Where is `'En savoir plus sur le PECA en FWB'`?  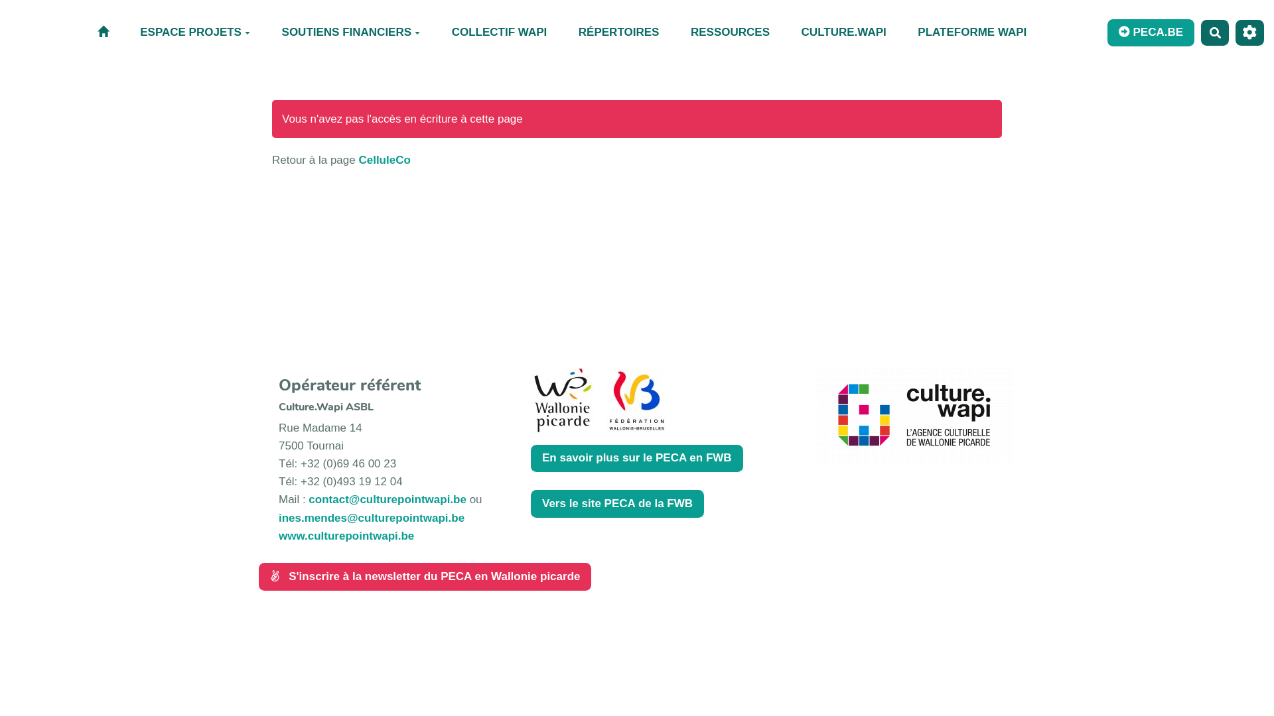
'En savoir plus sur le PECA en FWB' is located at coordinates (637, 457).